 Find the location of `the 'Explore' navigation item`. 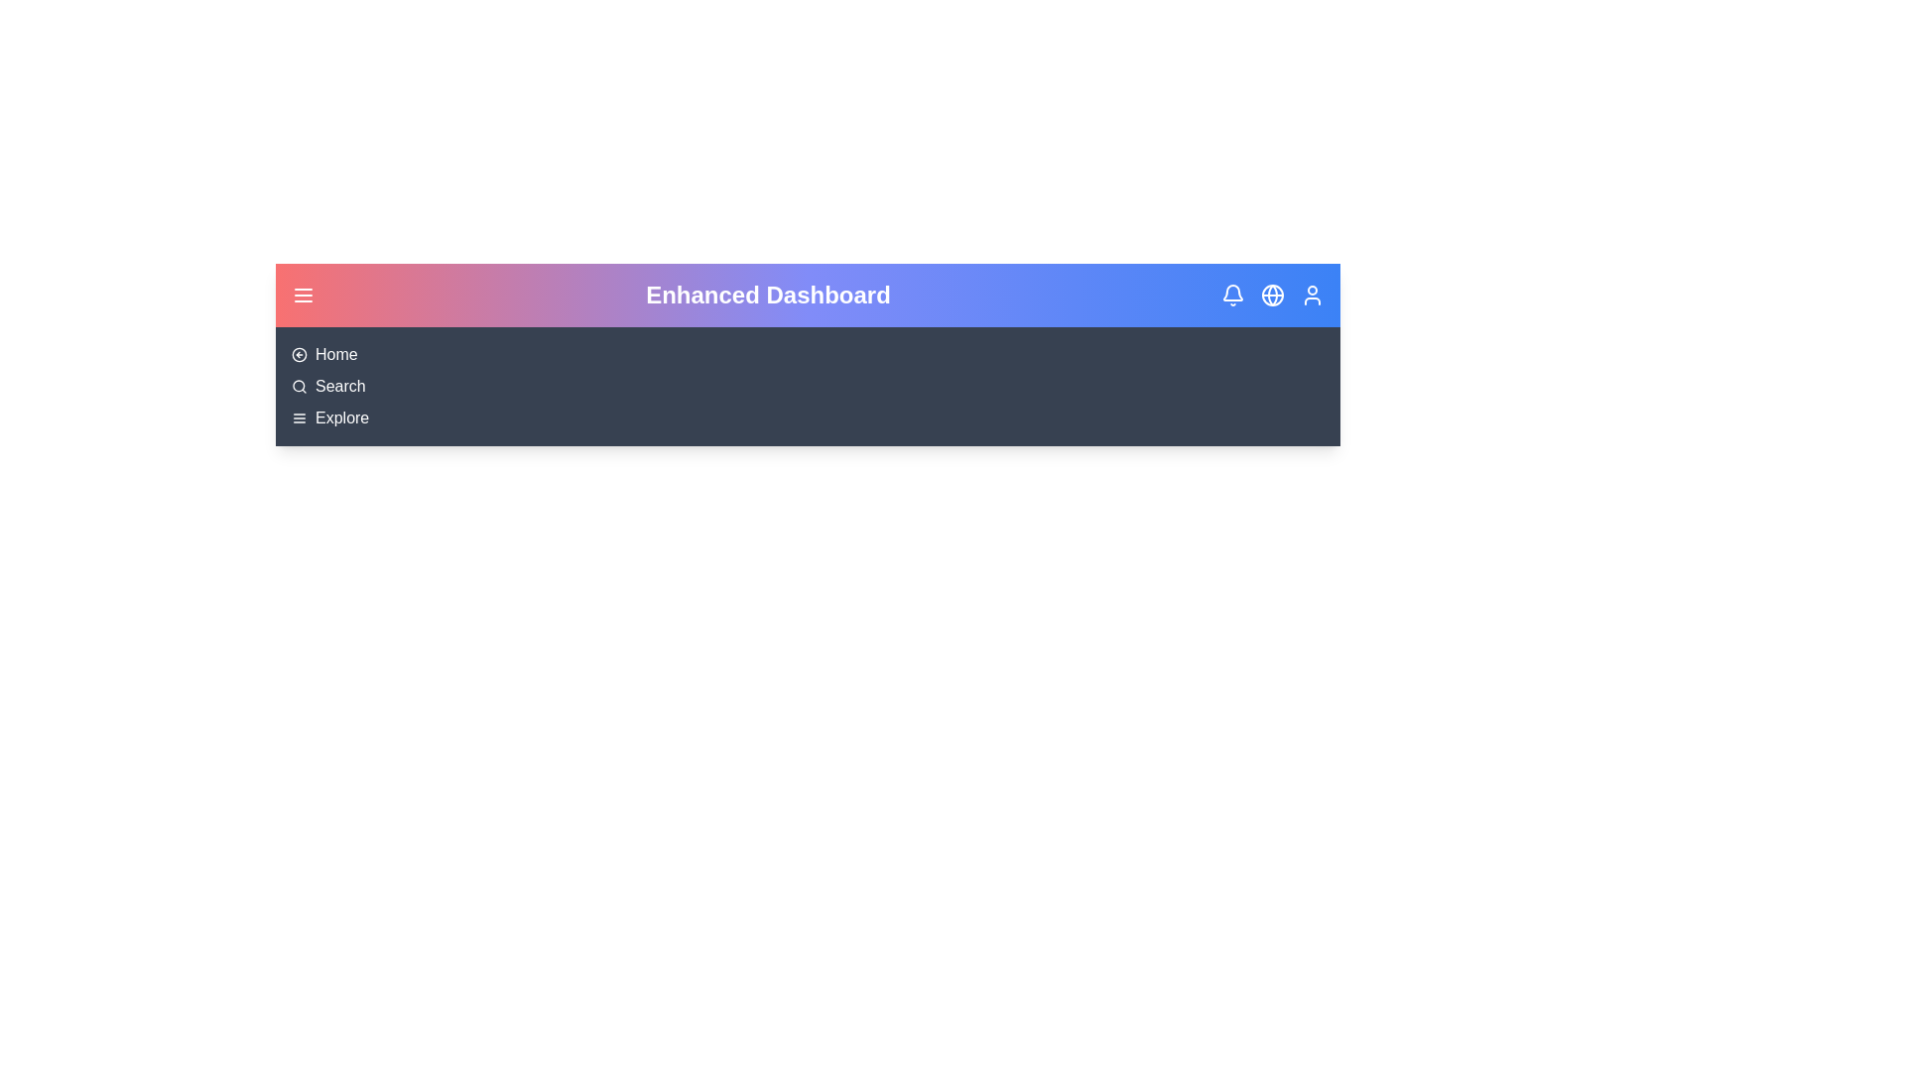

the 'Explore' navigation item is located at coordinates (342, 416).